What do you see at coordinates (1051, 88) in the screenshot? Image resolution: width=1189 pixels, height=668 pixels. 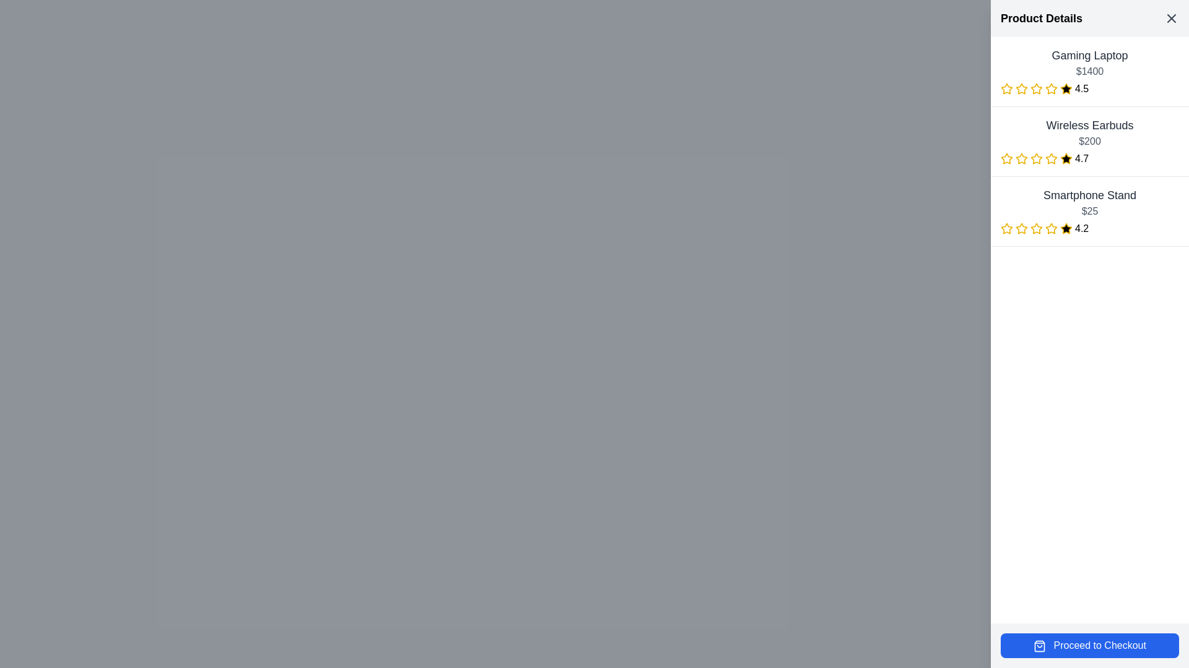 I see `the third star icon in the rating system under 'Gaming Laptop'` at bounding box center [1051, 88].